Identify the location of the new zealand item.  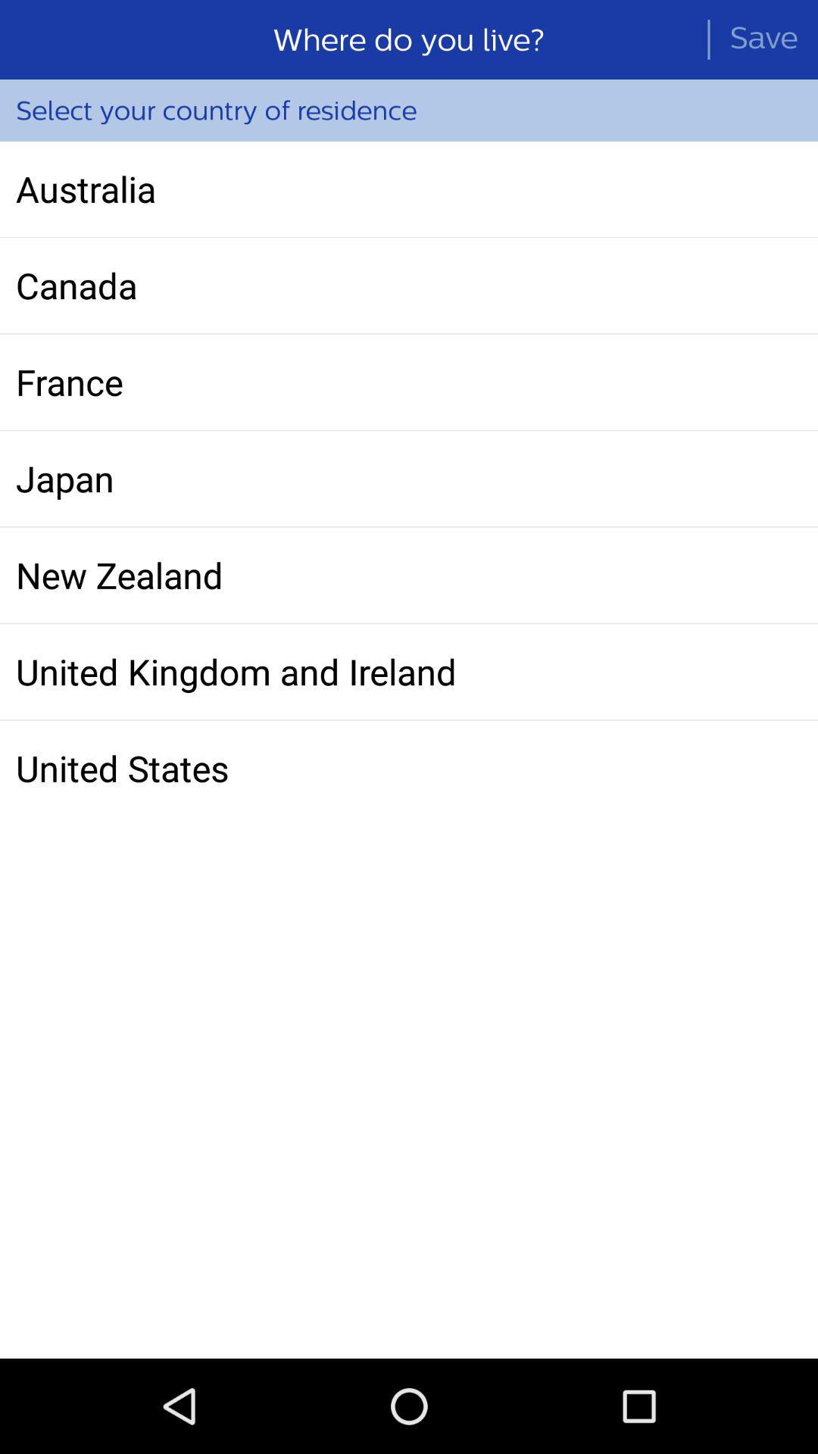
(409, 574).